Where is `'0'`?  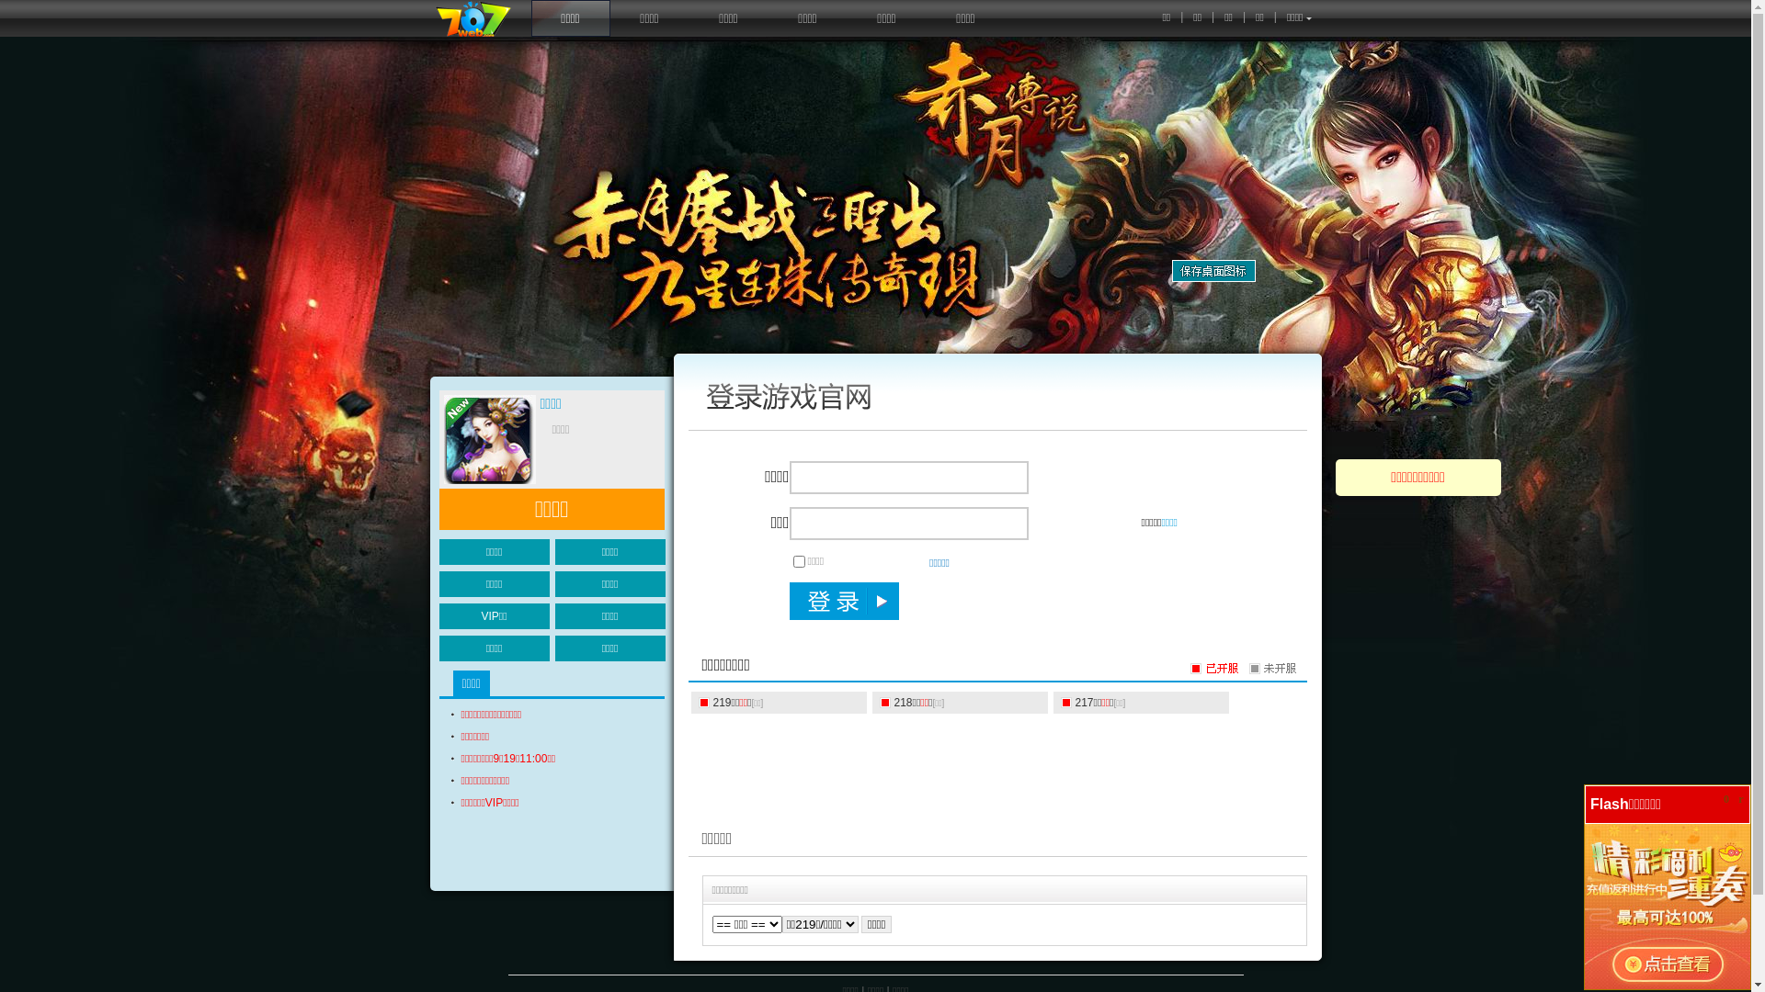
'0' is located at coordinates (1725, 798).